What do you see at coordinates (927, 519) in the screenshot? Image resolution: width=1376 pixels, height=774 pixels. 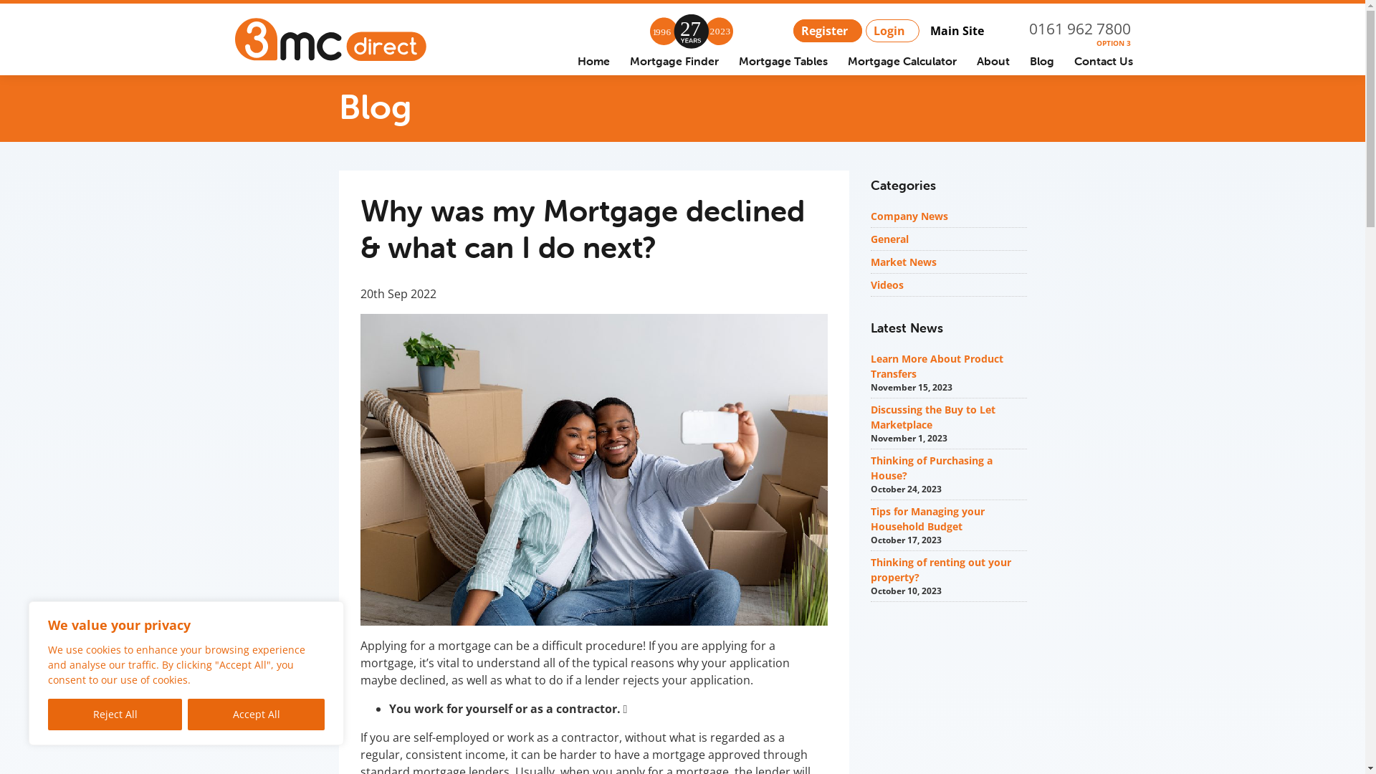 I see `'Tips for Managing your Household Budget'` at bounding box center [927, 519].